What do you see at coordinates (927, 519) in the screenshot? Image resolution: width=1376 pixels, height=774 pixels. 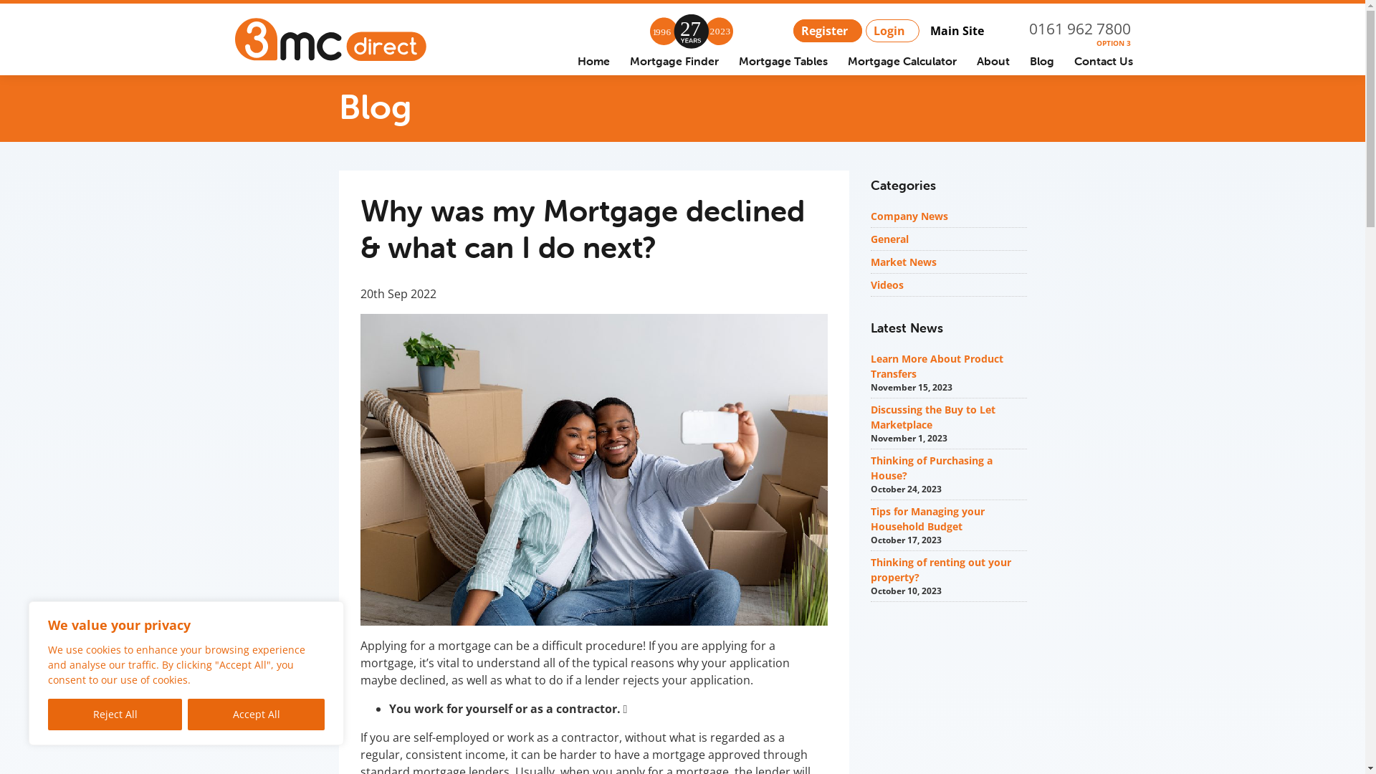 I see `'Tips for Managing your Household Budget'` at bounding box center [927, 519].